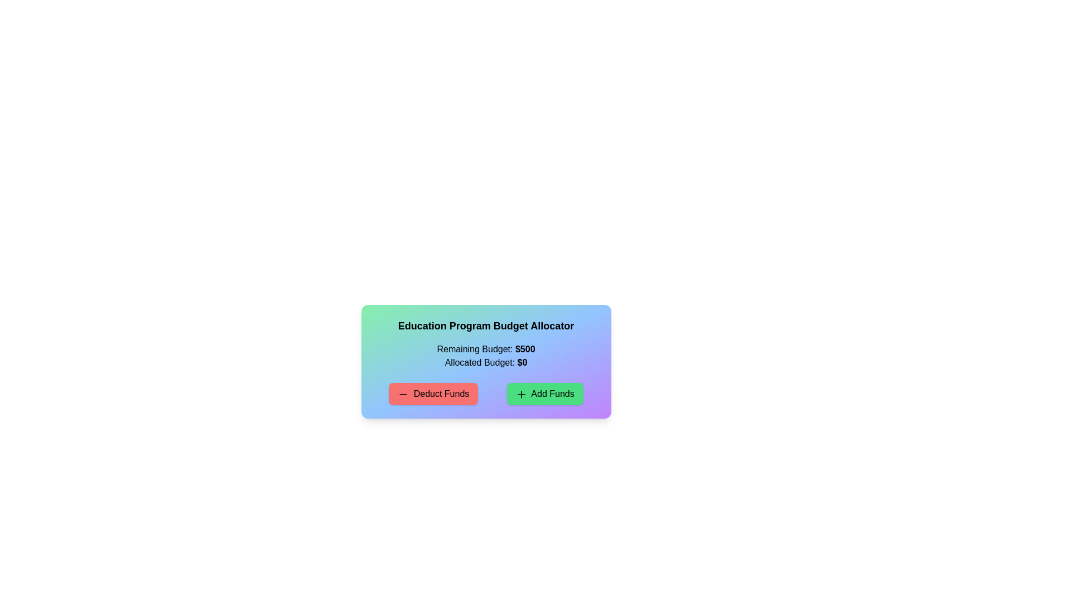 This screenshot has width=1071, height=602. What do you see at coordinates (486, 349) in the screenshot?
I see `the informational Text label displaying the currently remaining budget amount, which is positioned above the 'Allocated Budget: $0' text` at bounding box center [486, 349].